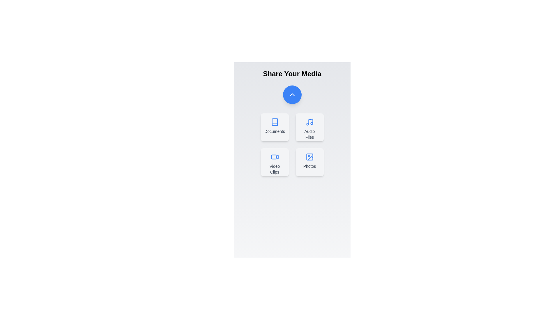  I want to click on the button corresponding to the media type Video Clips, so click(274, 162).